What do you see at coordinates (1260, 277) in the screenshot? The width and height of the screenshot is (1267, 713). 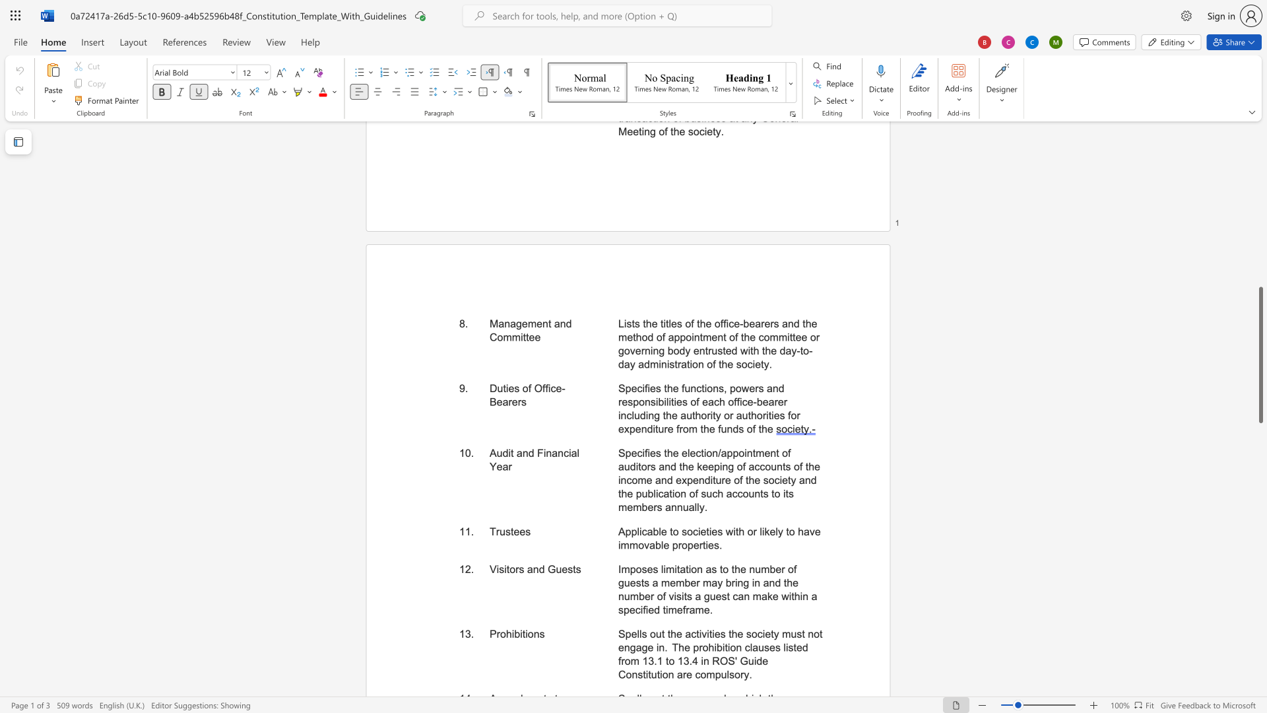 I see `the scrollbar on the right to shift the page higher` at bounding box center [1260, 277].